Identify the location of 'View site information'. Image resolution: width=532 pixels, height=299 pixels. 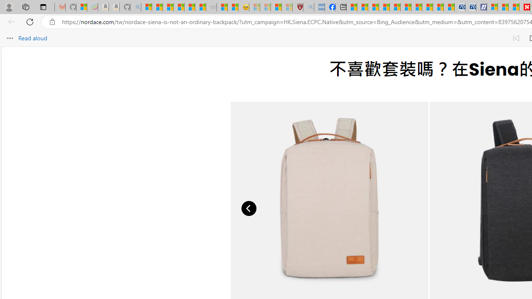
(52, 22).